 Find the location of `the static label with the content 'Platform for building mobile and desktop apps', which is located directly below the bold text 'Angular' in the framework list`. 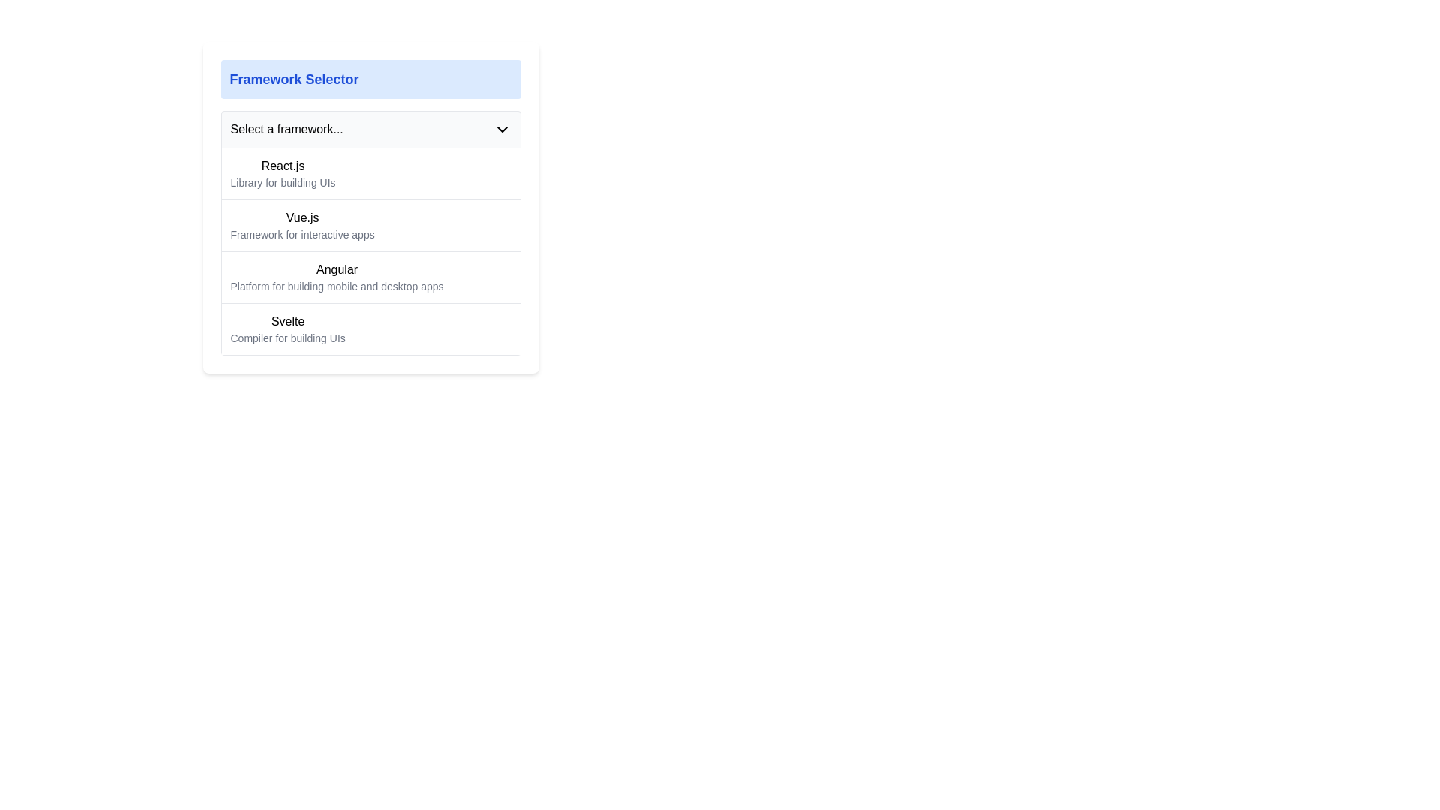

the static label with the content 'Platform for building mobile and desktop apps', which is located directly below the bold text 'Angular' in the framework list is located at coordinates (336, 286).